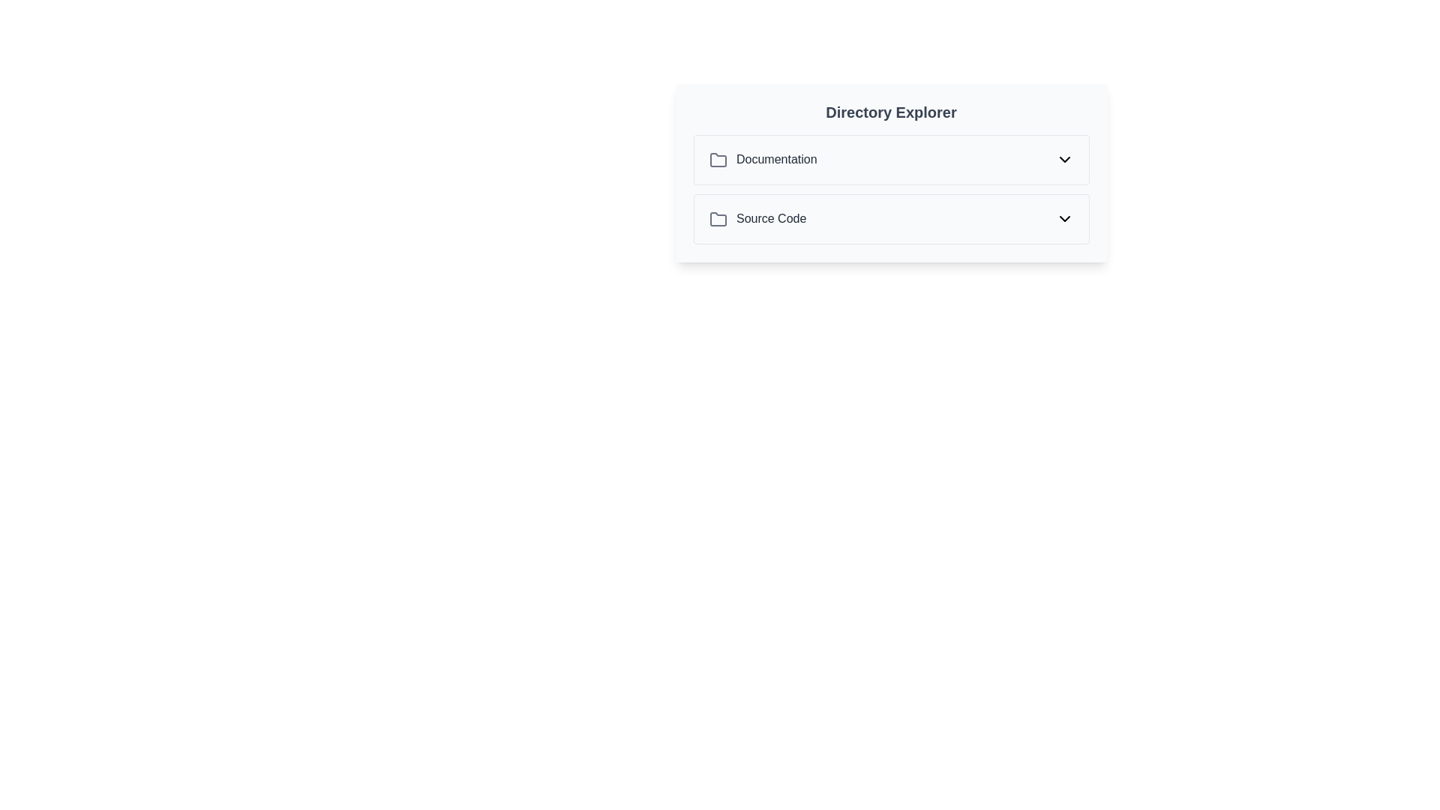 The height and width of the screenshot is (810, 1440). Describe the element at coordinates (717, 160) in the screenshot. I see `the folder icon element, which is a simplistic outline style SVG vector graphic, to trigger a contextual action` at that location.